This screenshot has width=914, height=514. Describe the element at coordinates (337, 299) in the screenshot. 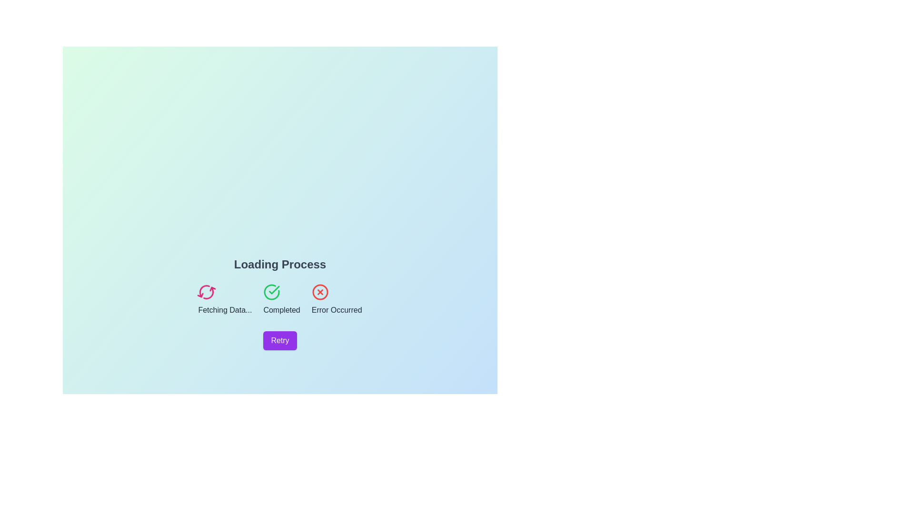

I see `status indicated by the error status indicator, which is the third in a sequence of three horizontal status indicators, located to the right of the 'Completed' status indicator` at that location.